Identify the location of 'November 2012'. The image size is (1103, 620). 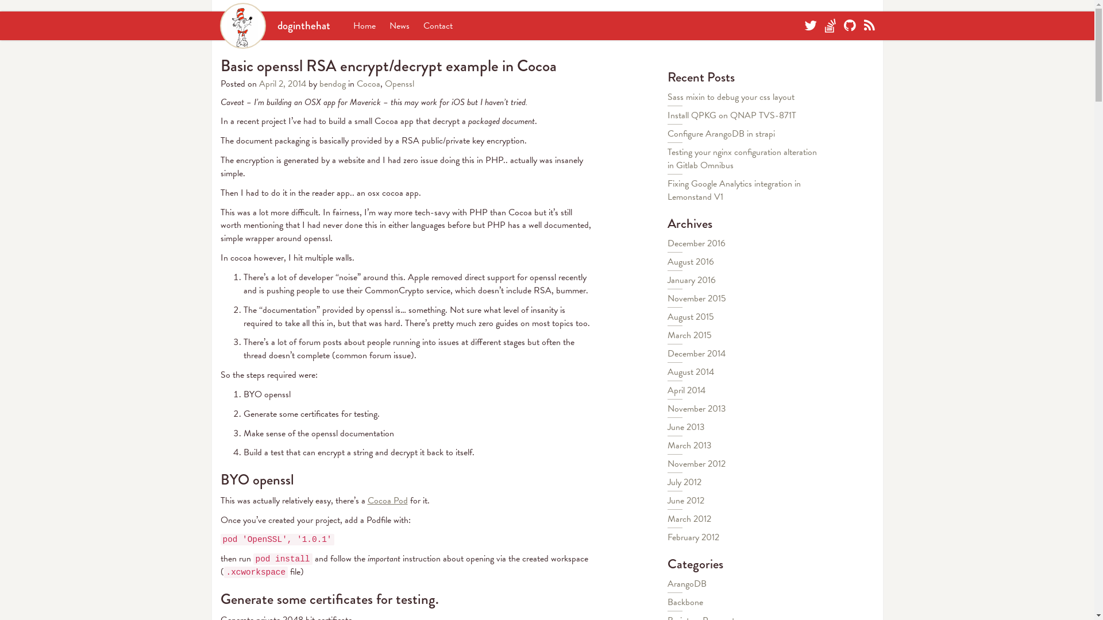
(696, 463).